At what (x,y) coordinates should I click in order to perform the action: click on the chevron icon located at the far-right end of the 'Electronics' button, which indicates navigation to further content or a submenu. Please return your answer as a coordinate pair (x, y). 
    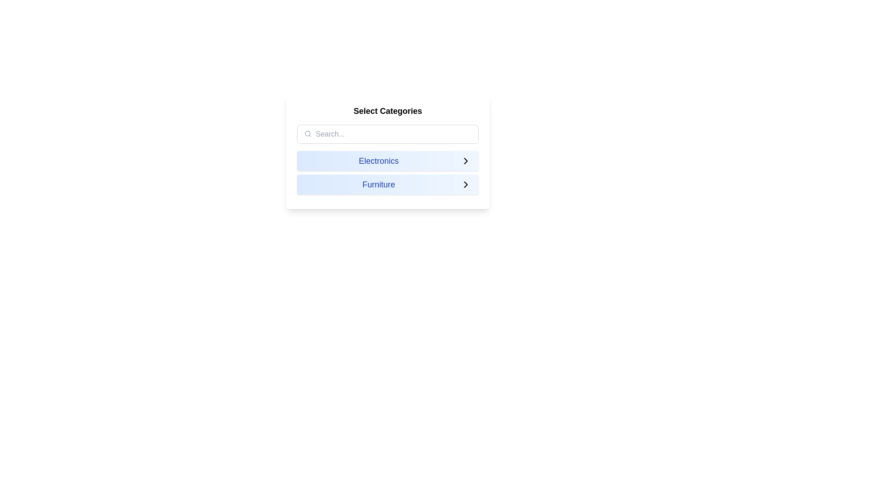
    Looking at the image, I should click on (466, 160).